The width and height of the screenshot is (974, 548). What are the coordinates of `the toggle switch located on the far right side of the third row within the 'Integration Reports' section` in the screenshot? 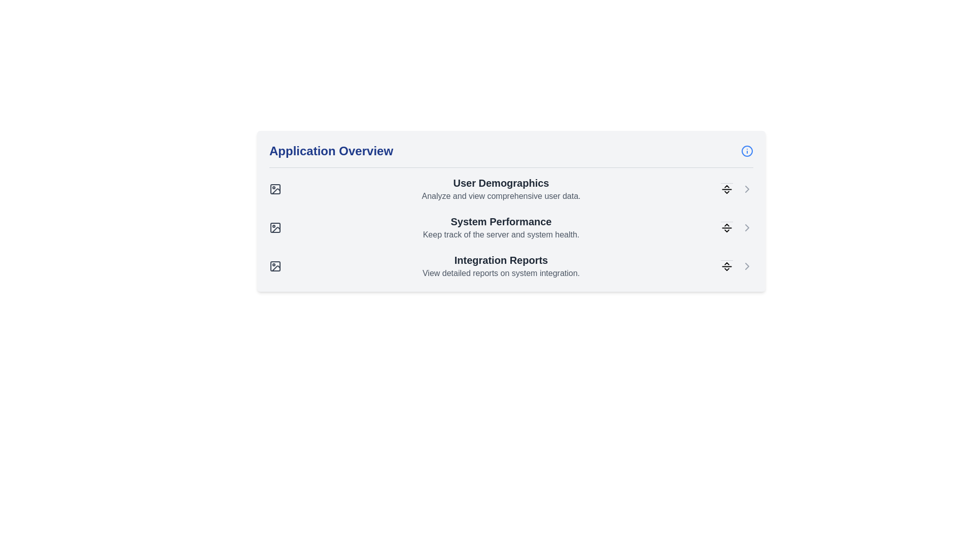 It's located at (726, 265).